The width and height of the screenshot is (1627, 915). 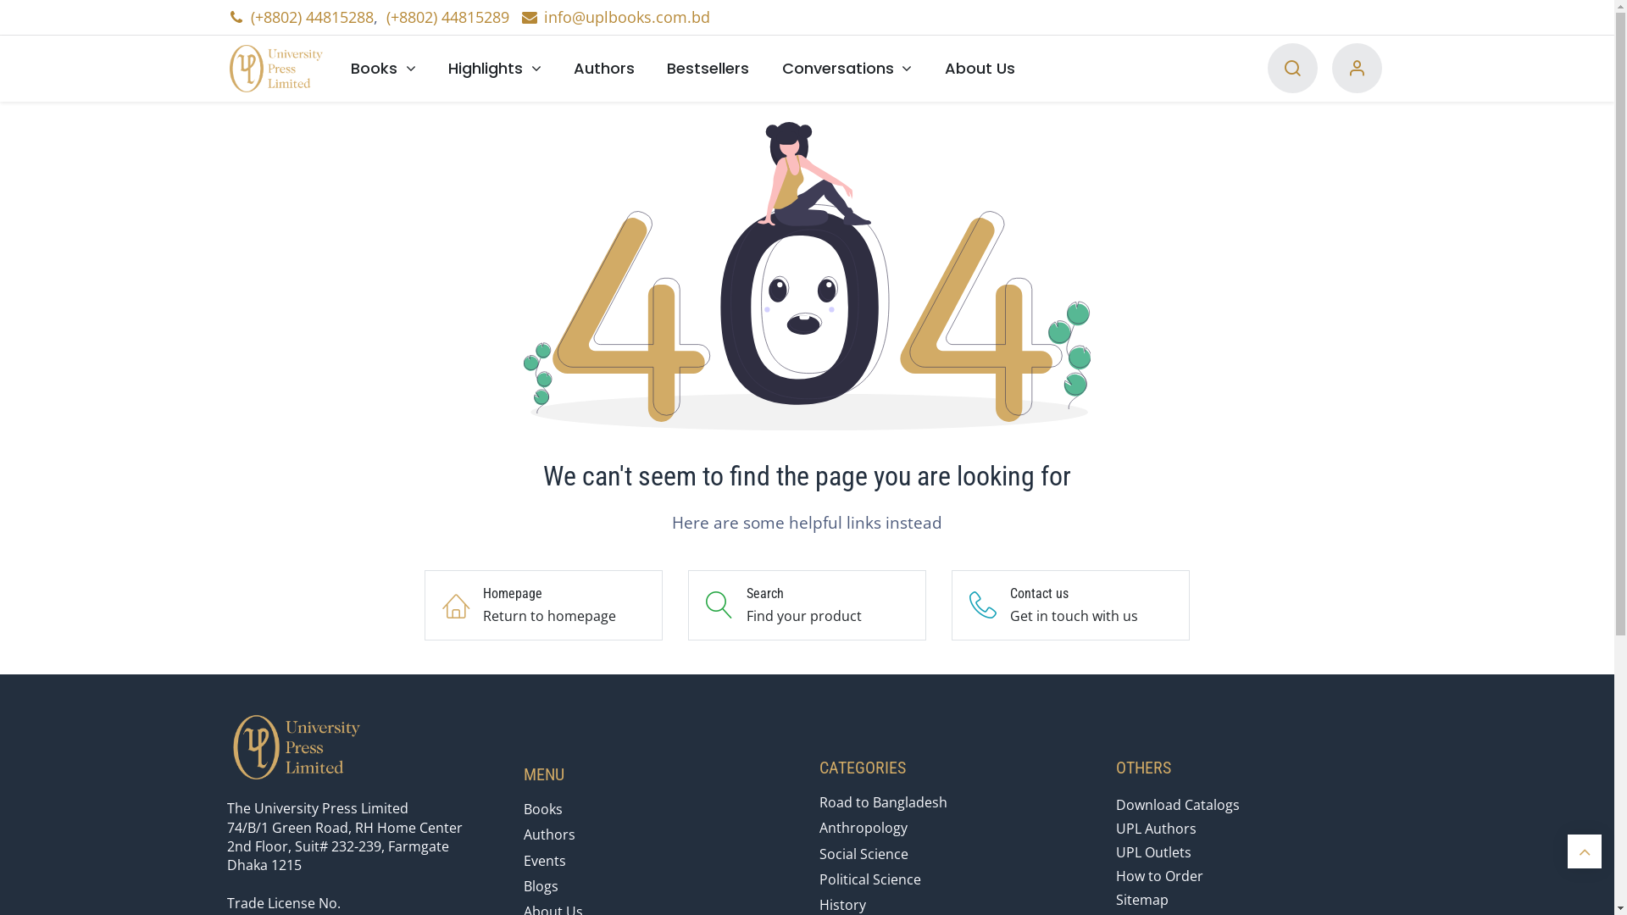 What do you see at coordinates (650, 67) in the screenshot?
I see `'Bestsellers'` at bounding box center [650, 67].